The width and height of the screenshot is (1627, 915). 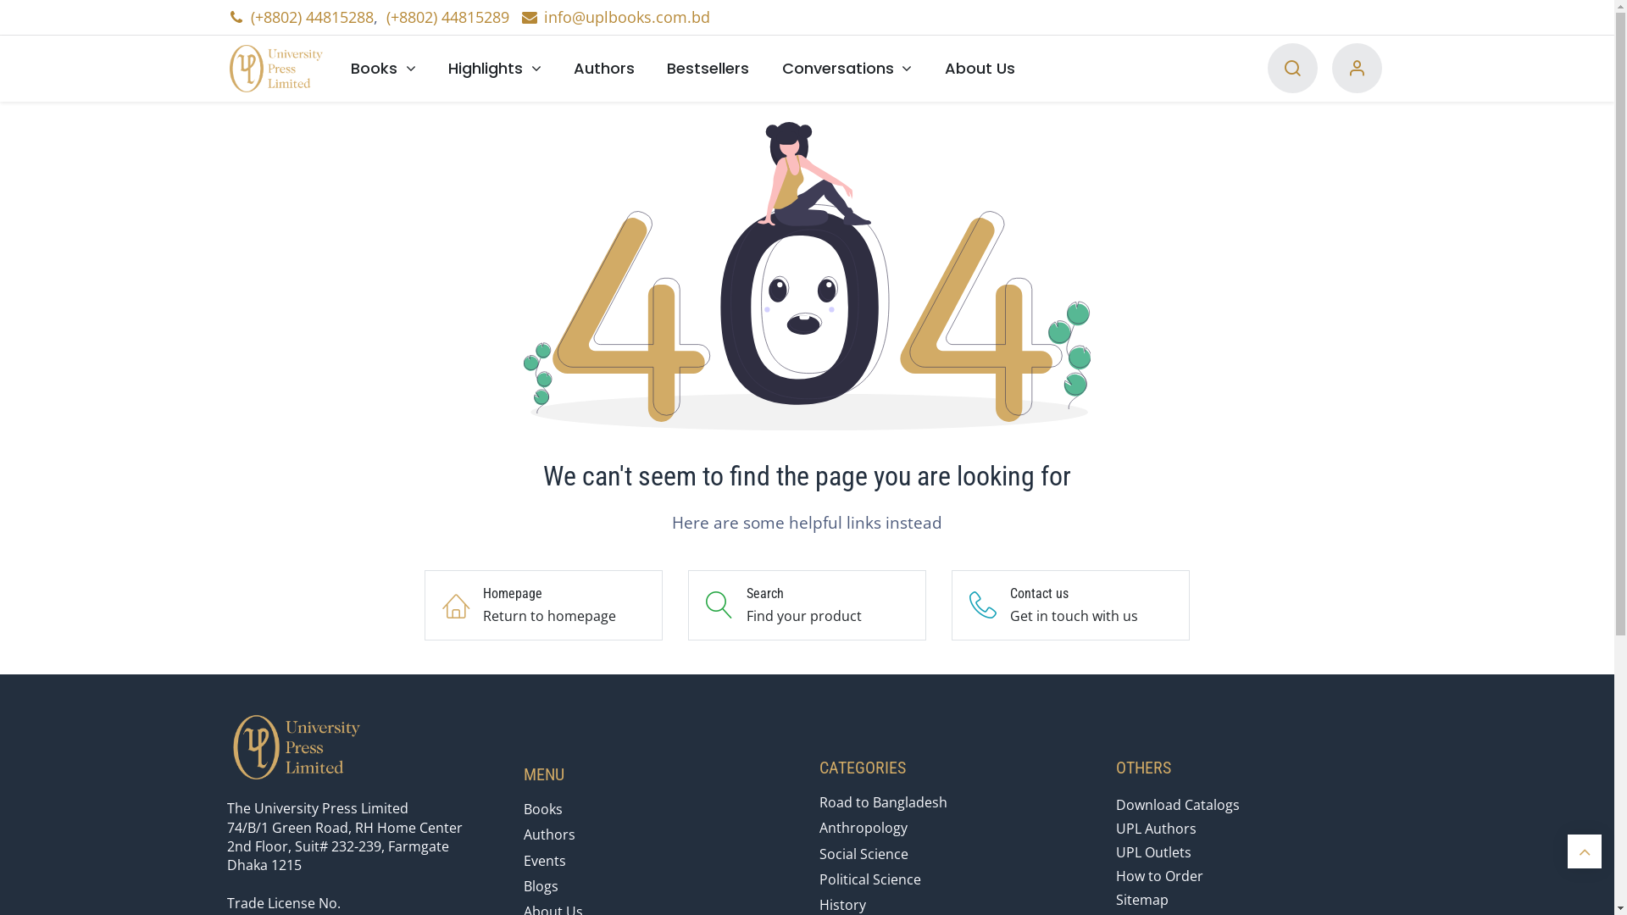 What do you see at coordinates (650, 67) in the screenshot?
I see `'Bestsellers'` at bounding box center [650, 67].